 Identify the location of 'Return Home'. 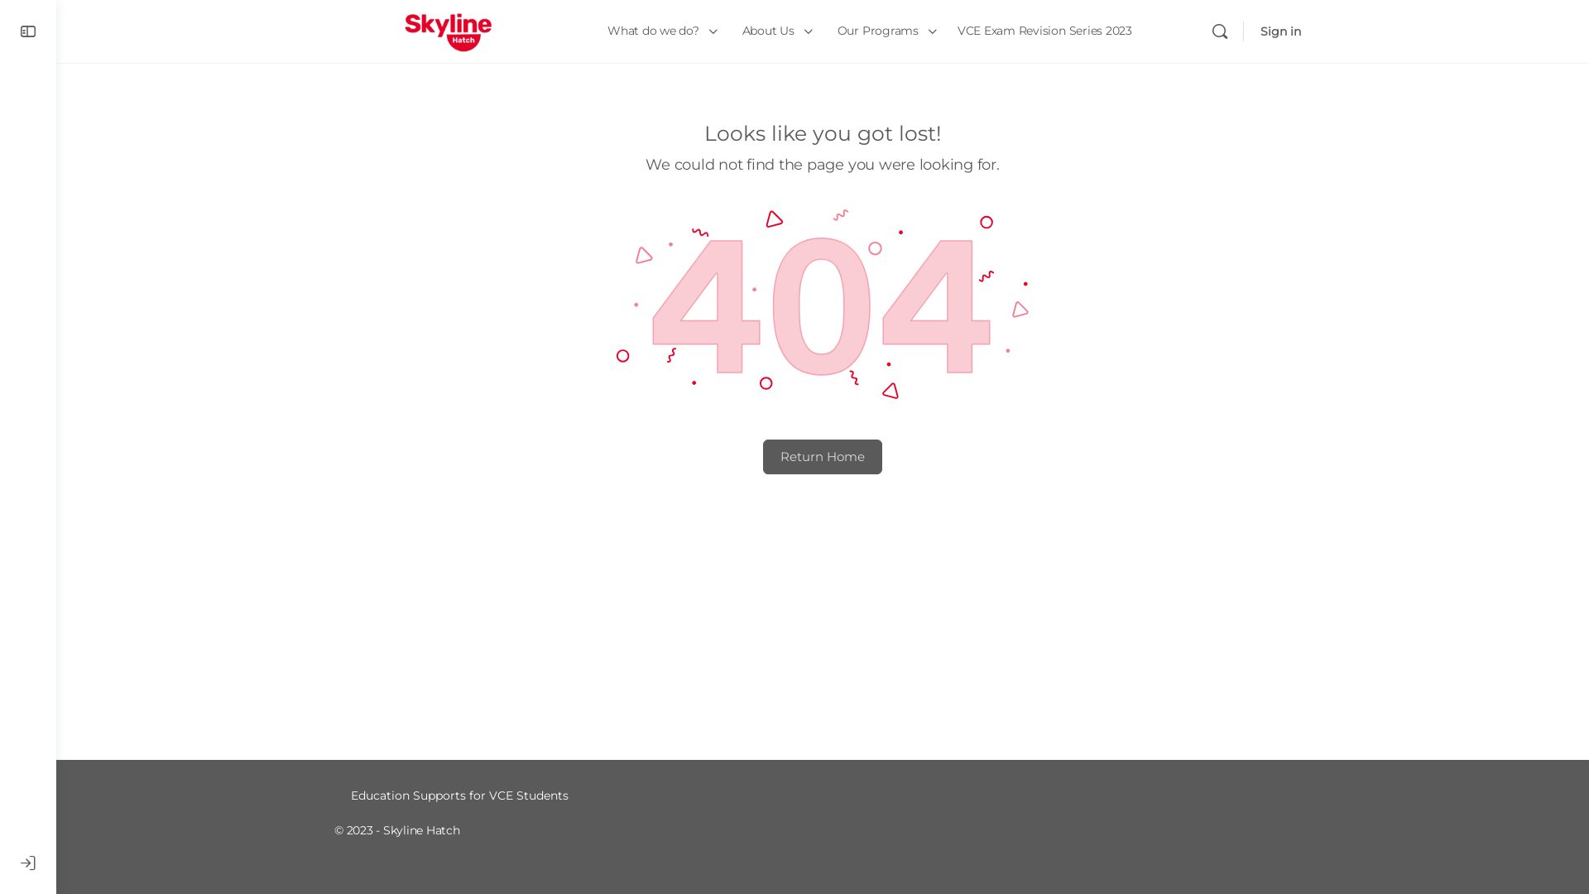
(822, 456).